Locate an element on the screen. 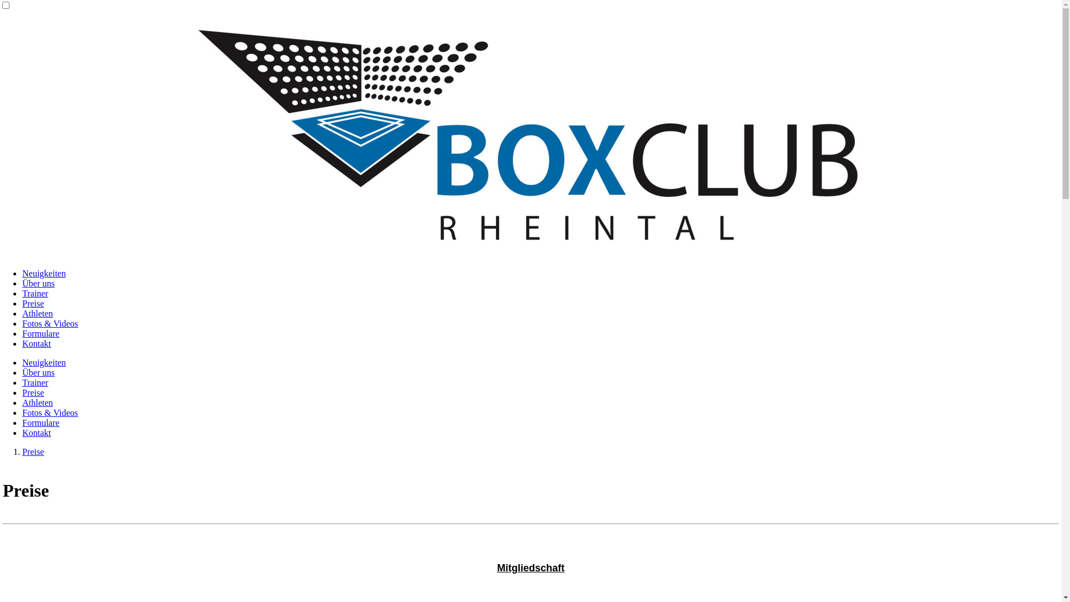 The width and height of the screenshot is (1070, 602). 'Preise' is located at coordinates (33, 303).